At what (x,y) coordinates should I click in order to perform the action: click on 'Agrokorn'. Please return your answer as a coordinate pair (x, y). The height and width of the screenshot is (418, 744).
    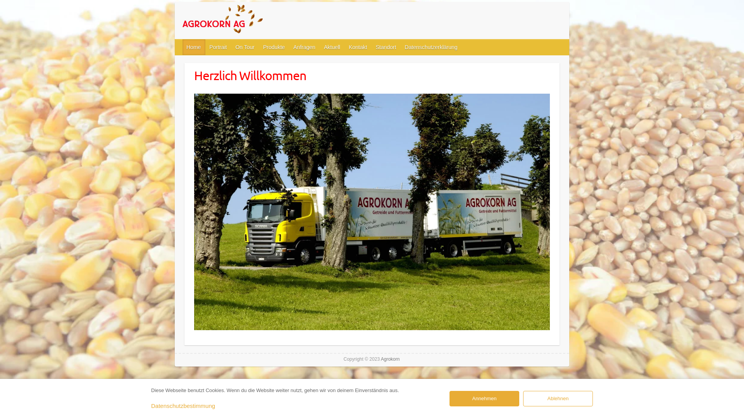
    Looking at the image, I should click on (390, 359).